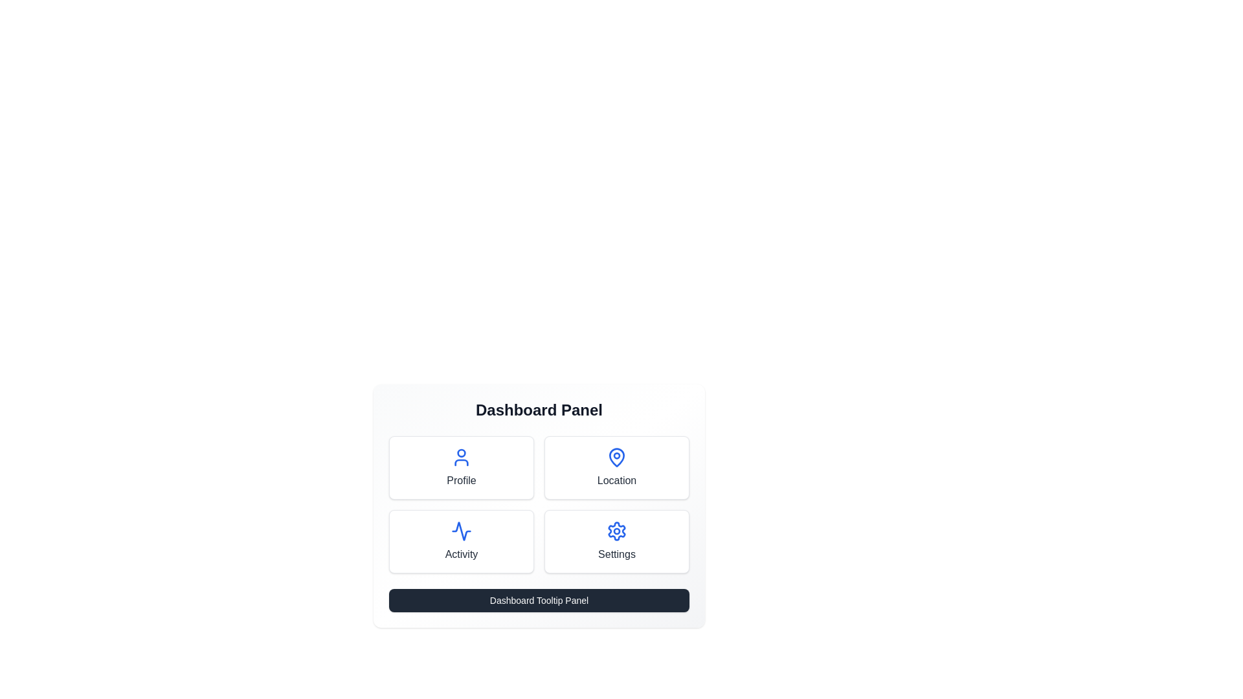 The height and width of the screenshot is (699, 1243). What do you see at coordinates (462, 461) in the screenshot?
I see `the blue curved line at the bottom of the 'Profile' user icon located in the top-left section of the grid layout` at bounding box center [462, 461].